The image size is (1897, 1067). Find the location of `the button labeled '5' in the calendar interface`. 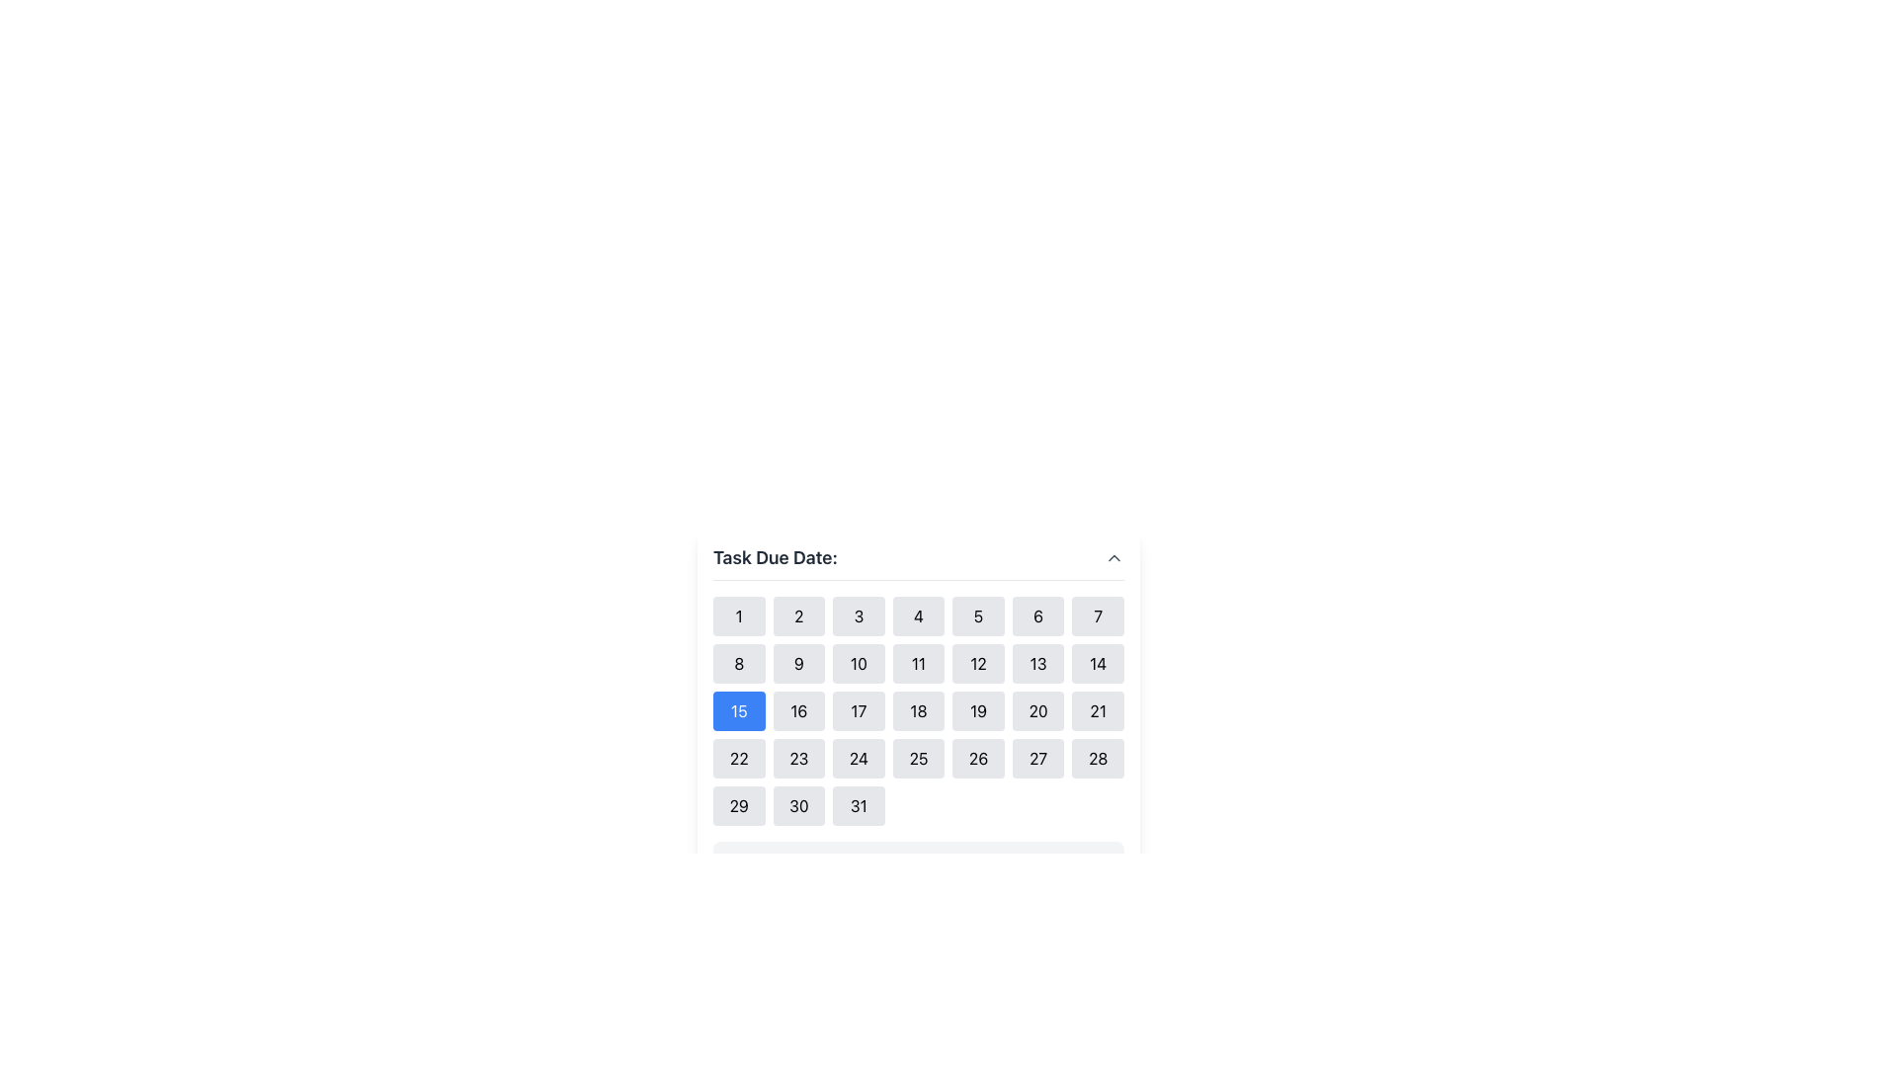

the button labeled '5' in the calendar interface is located at coordinates (978, 616).